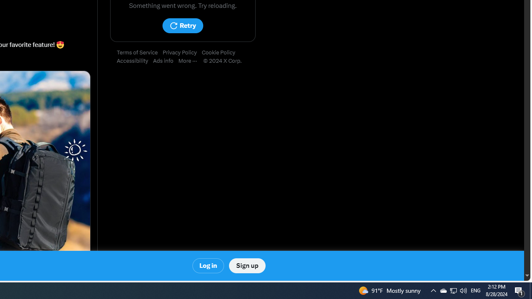  What do you see at coordinates (221, 53) in the screenshot?
I see `'Cookie Policy'` at bounding box center [221, 53].